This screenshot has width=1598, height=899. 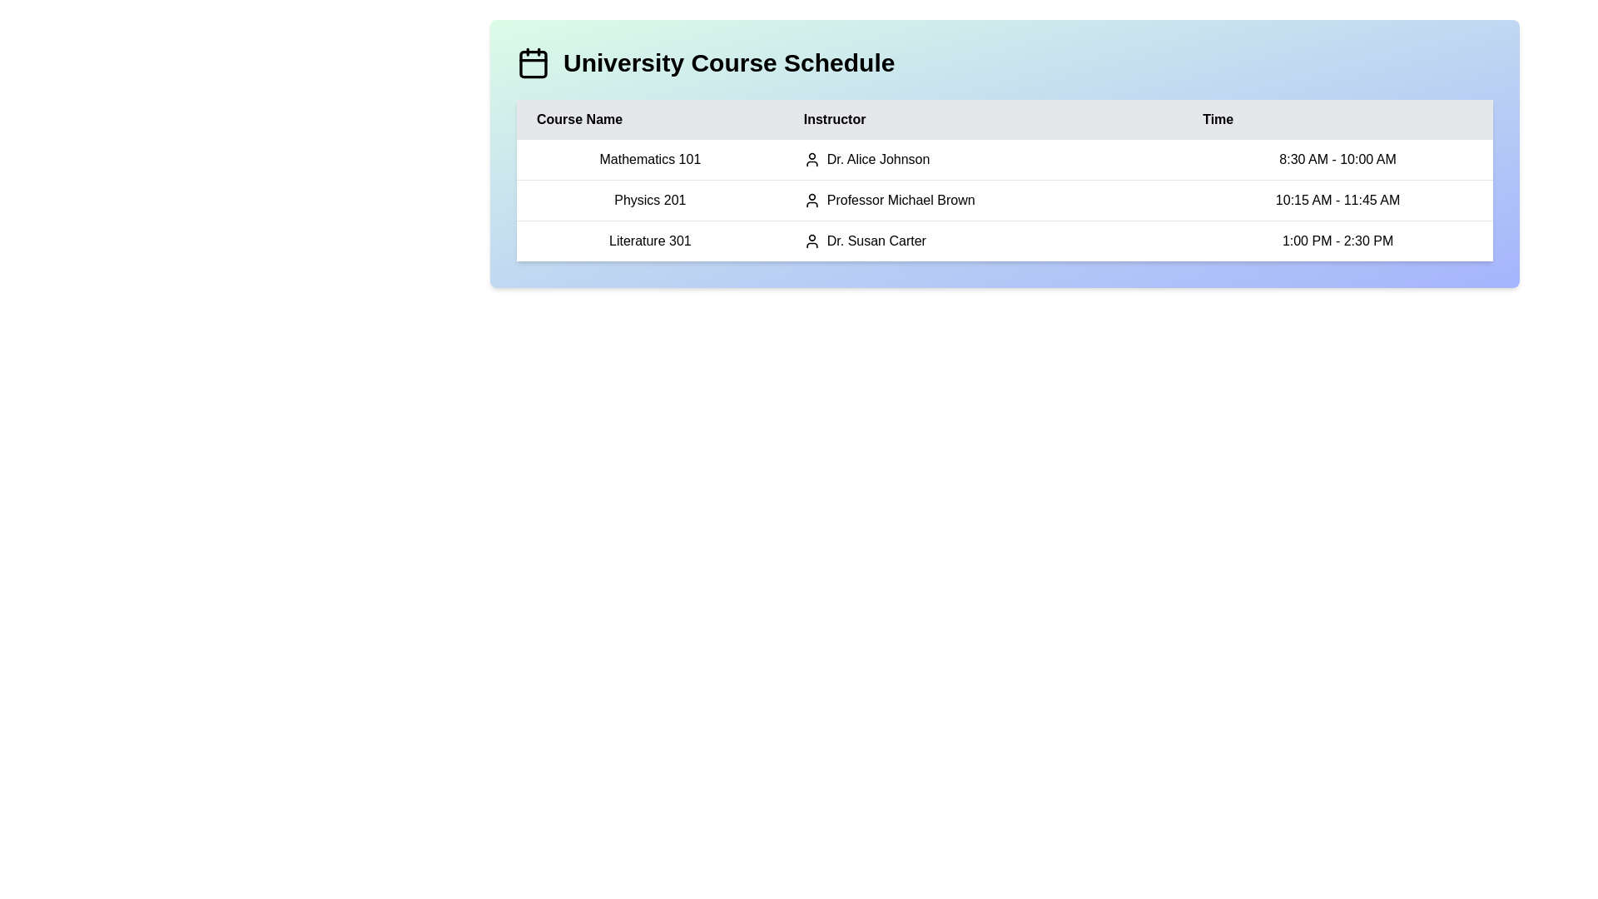 I want to click on header text element displaying 'University Course Schedule', which is prominently featured in bold, sans-serif font on a gradient background of light green to purple, centrally aligned at the top of the page, so click(x=729, y=62).